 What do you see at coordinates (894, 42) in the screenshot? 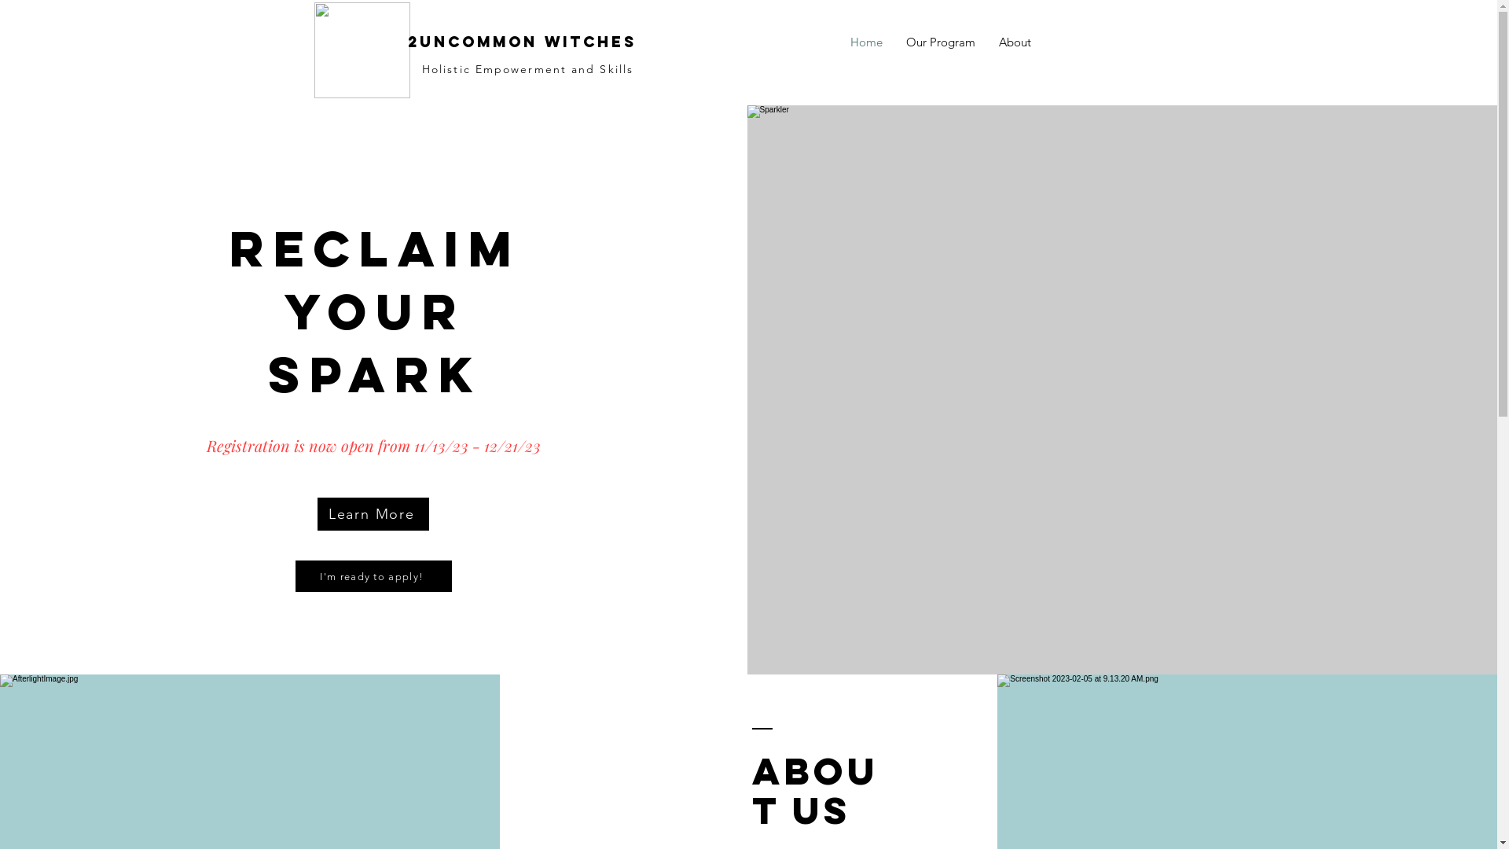
I see `'Our Program'` at bounding box center [894, 42].